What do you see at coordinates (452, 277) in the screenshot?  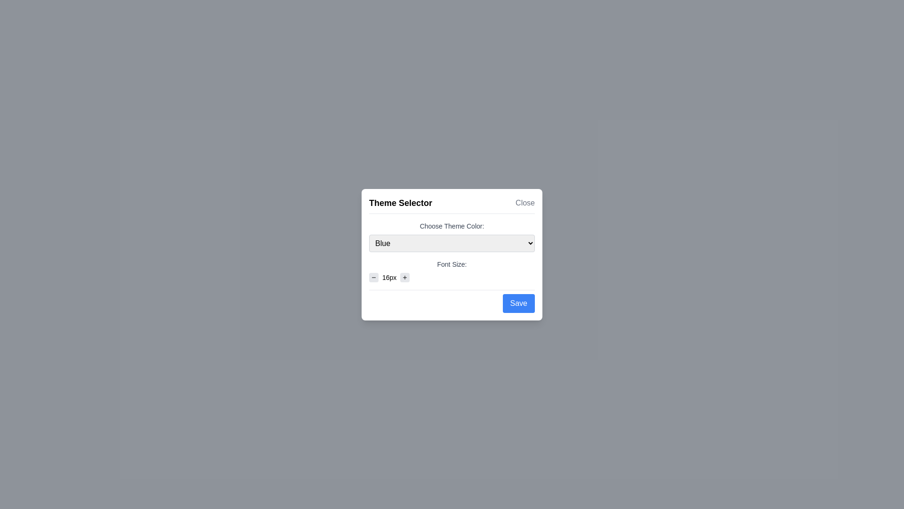 I see `current font size displayed in the center of the Font size selector, which shows '16px'` at bounding box center [452, 277].